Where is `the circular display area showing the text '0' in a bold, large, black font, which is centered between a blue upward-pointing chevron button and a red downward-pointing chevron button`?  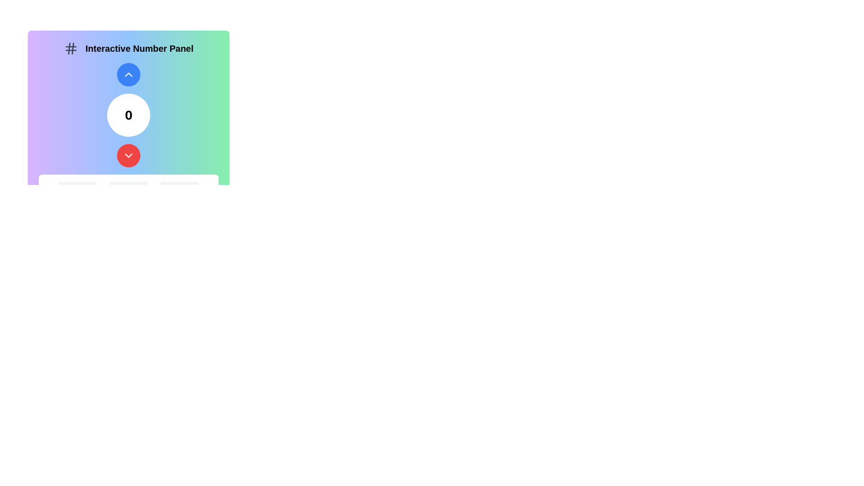
the circular display area showing the text '0' in a bold, large, black font, which is centered between a blue upward-pointing chevron button and a red downward-pointing chevron button is located at coordinates (128, 114).